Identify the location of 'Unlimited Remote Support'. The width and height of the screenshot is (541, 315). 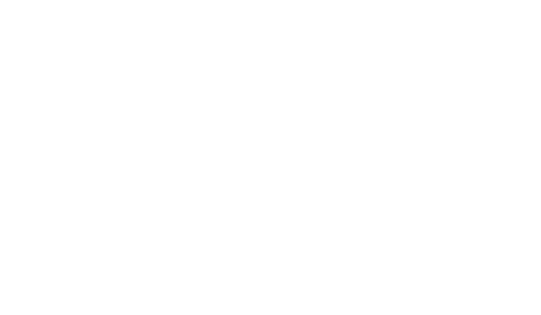
(266, 6).